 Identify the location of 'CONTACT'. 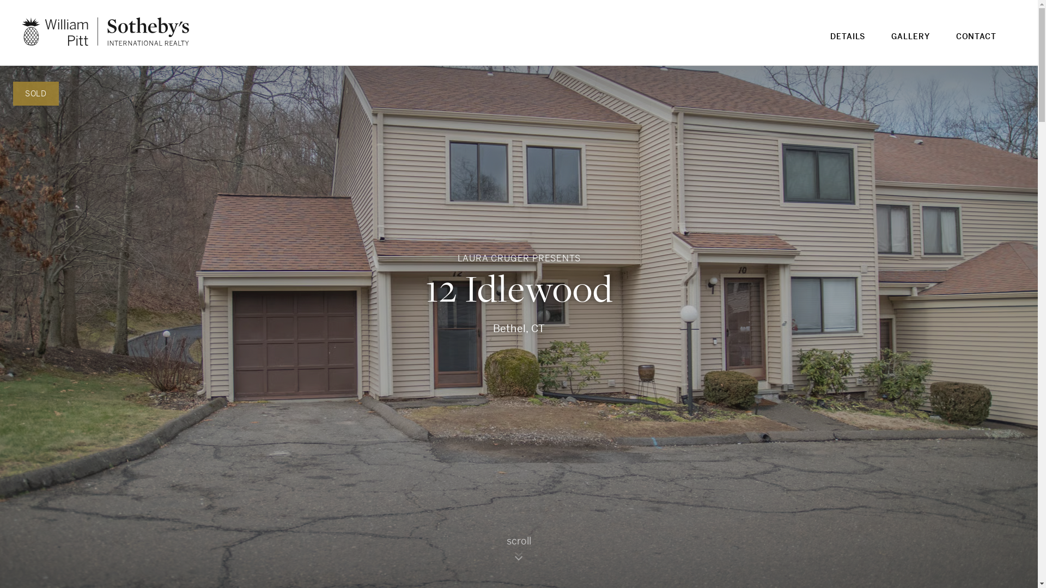
(976, 42).